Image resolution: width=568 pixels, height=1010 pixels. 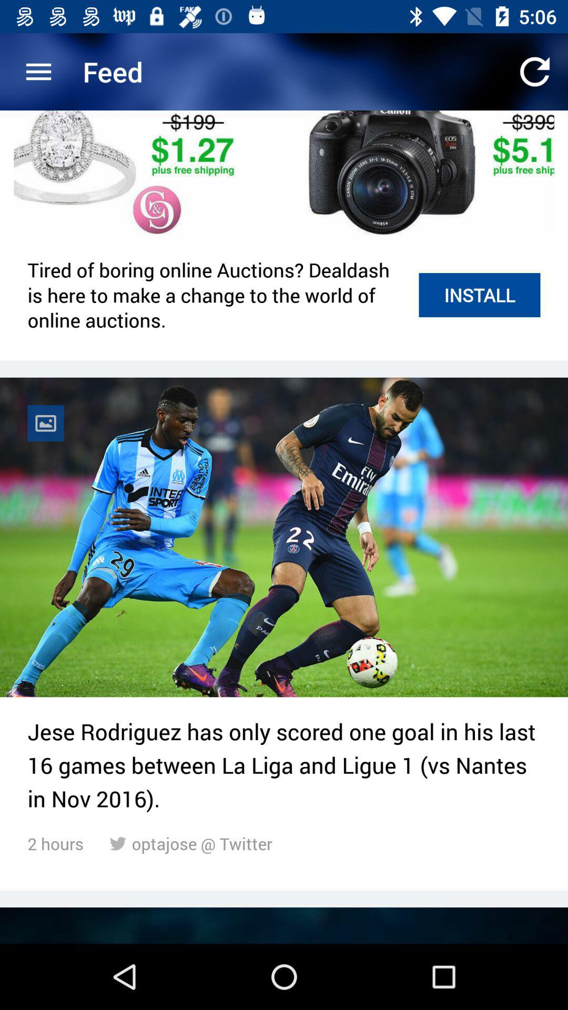 What do you see at coordinates (535, 71) in the screenshot?
I see `the app next to the feed item` at bounding box center [535, 71].